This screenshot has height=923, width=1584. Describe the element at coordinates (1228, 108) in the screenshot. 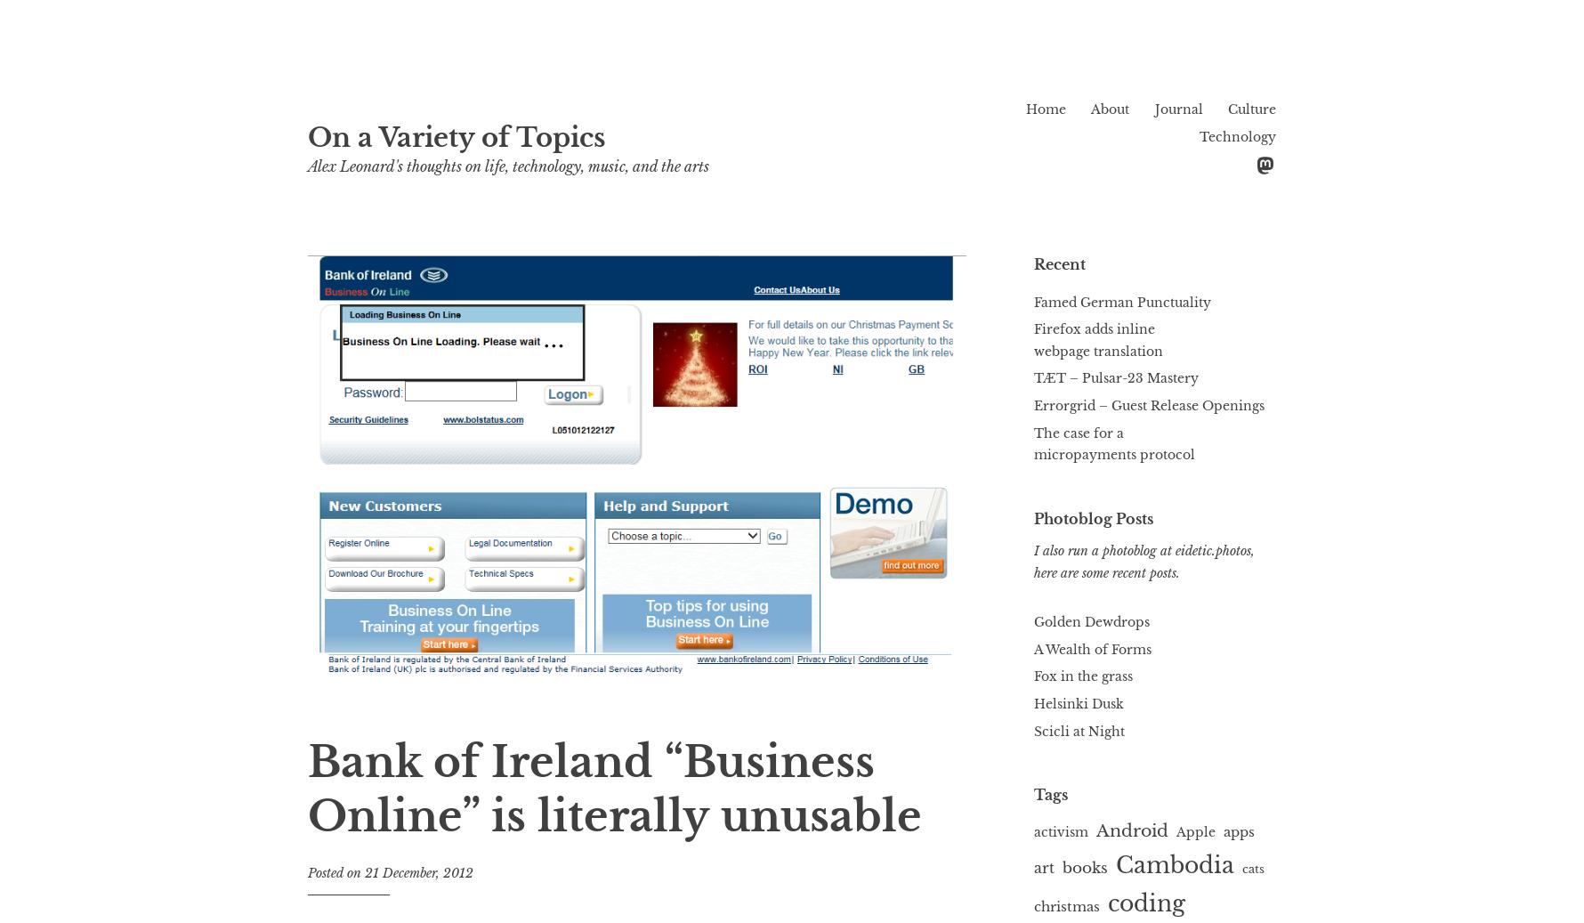

I see `'Culture'` at that location.